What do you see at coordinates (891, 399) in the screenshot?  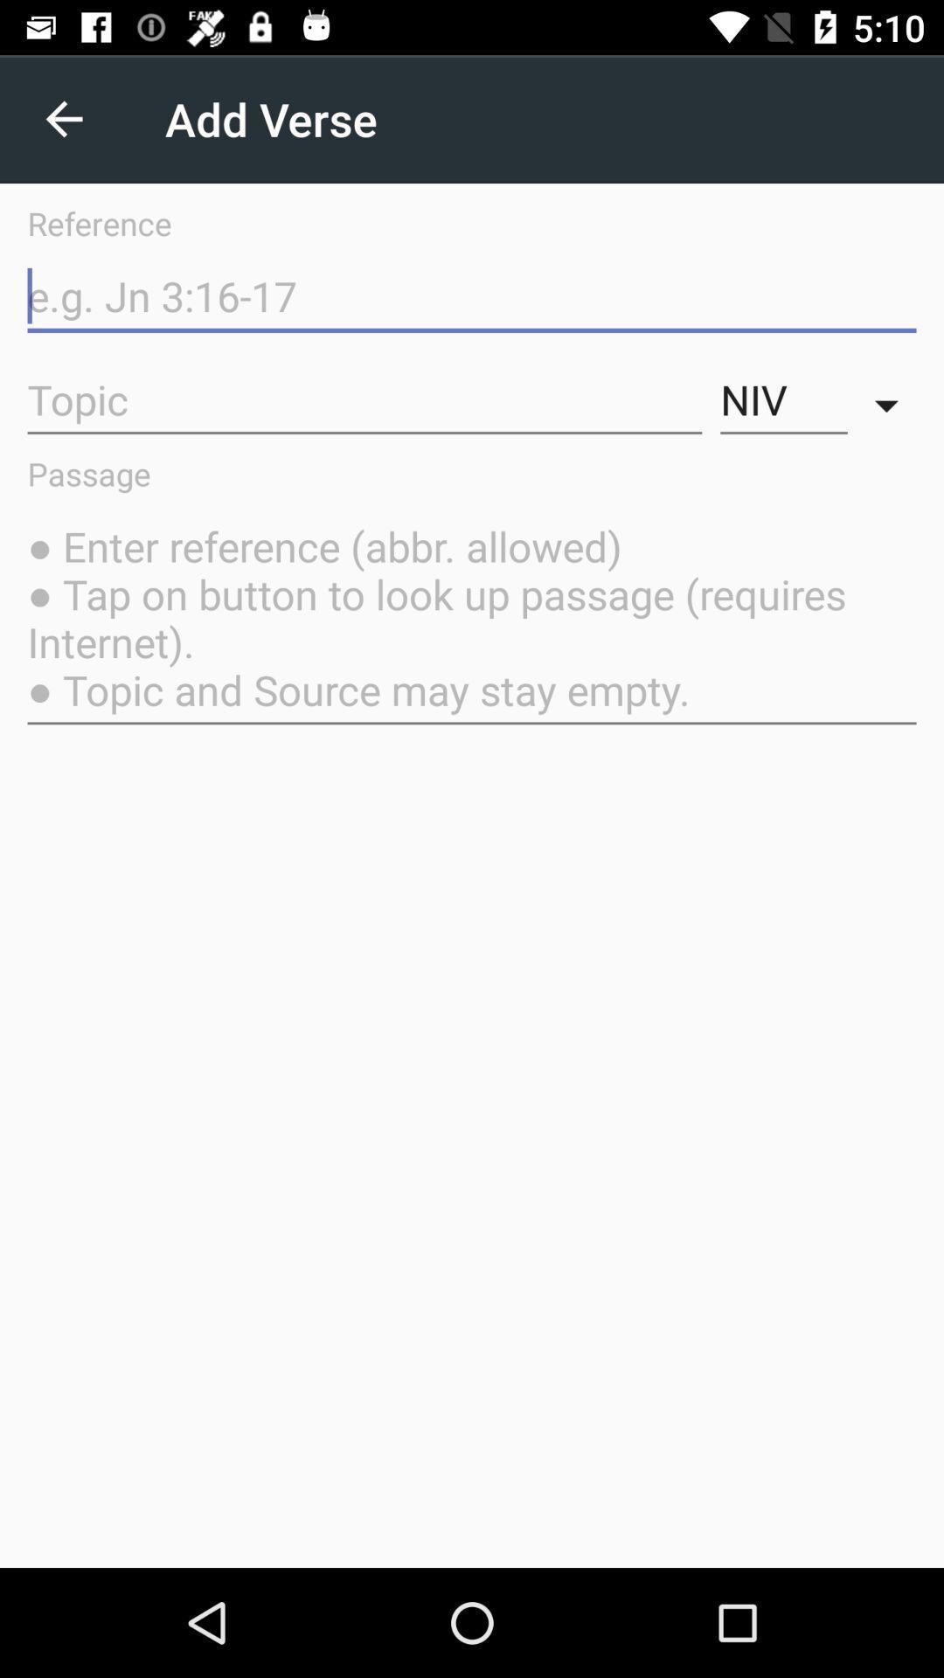 I see `the icon next to niv` at bounding box center [891, 399].